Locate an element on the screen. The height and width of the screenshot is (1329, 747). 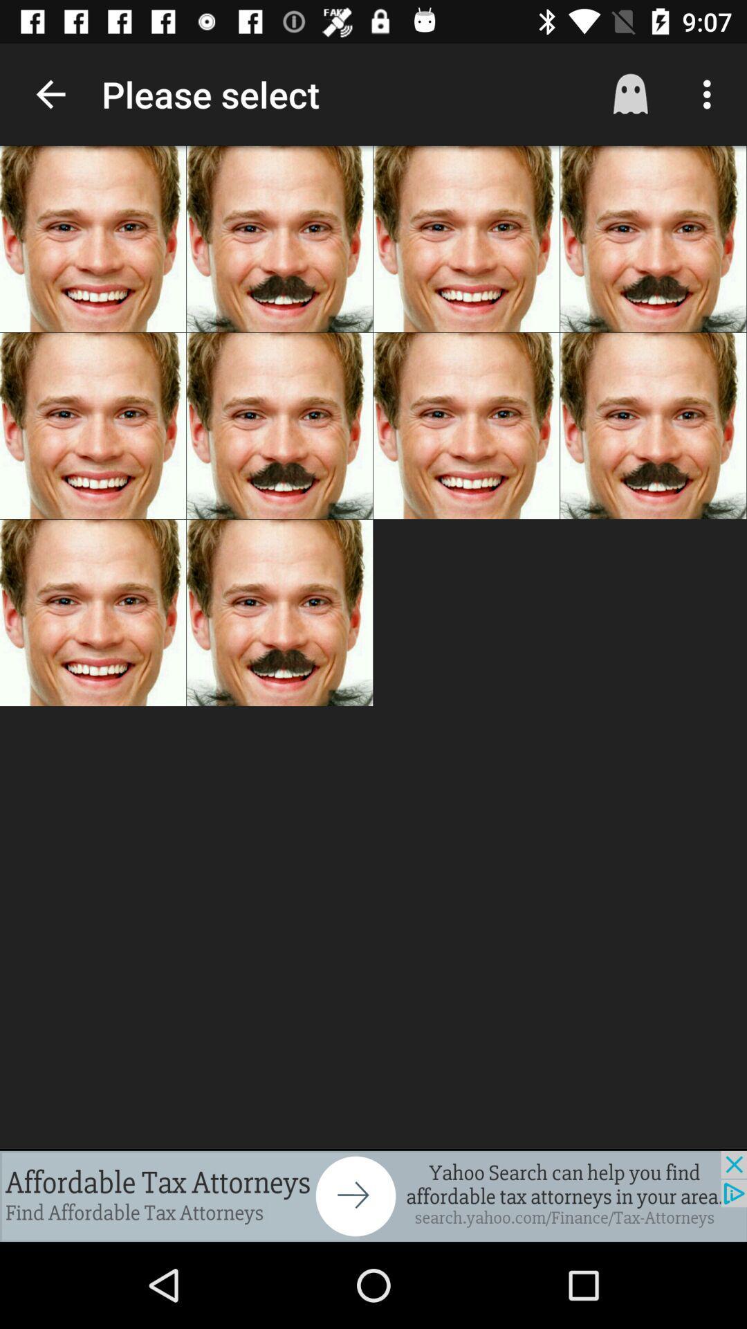
the sixth image is located at coordinates (279, 425).